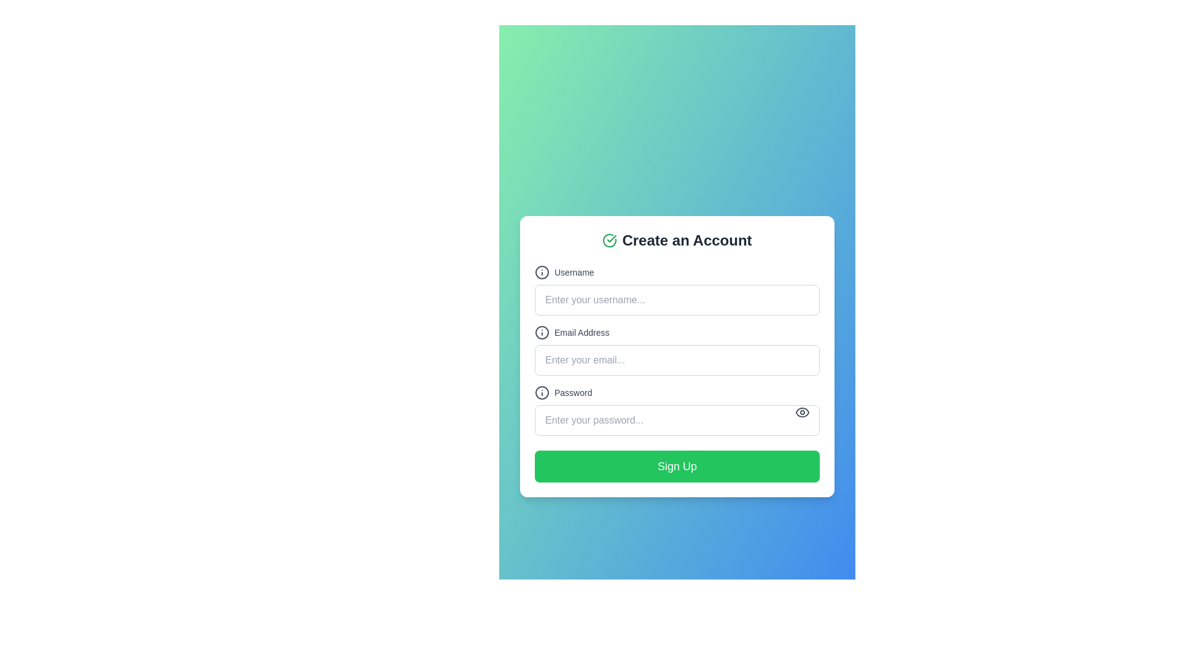  What do you see at coordinates (610, 241) in the screenshot?
I see `the circular green-bordered icon with a white-filled center, which is part of the checkmark icon indicating an affirmative state, located to the left of the 'Create an Account' title in the account creation dialog box` at bounding box center [610, 241].